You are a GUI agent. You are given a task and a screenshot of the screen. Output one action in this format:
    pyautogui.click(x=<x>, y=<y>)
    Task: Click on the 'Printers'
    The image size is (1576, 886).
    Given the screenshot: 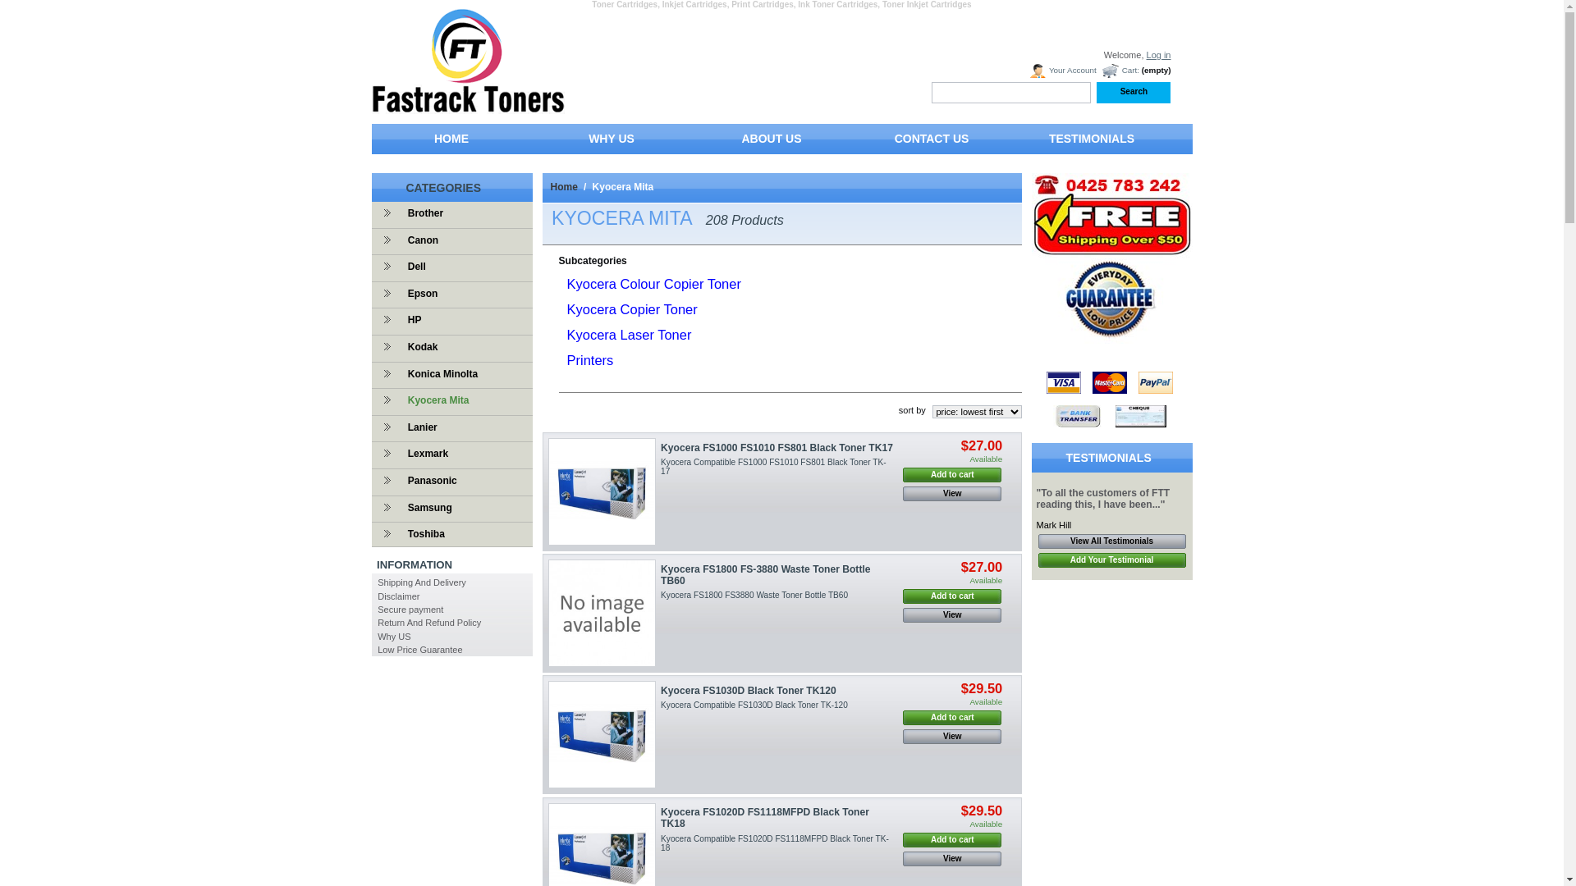 What is the action you would take?
    pyautogui.click(x=589, y=359)
    